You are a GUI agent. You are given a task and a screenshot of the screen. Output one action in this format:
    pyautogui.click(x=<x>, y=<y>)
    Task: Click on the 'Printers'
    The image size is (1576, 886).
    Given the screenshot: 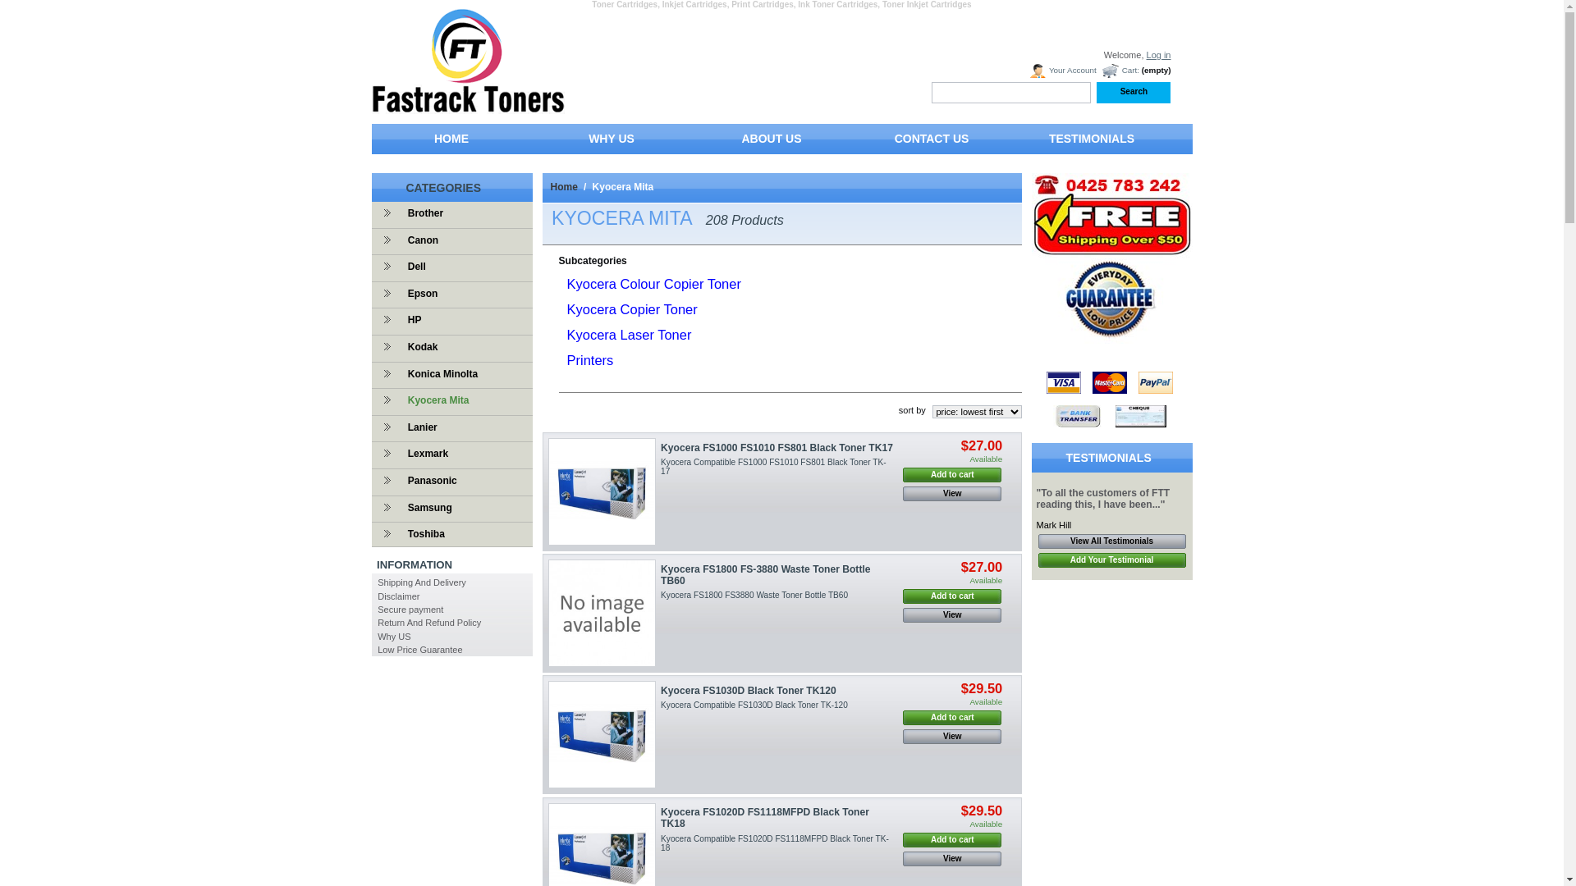 What is the action you would take?
    pyautogui.click(x=589, y=359)
    